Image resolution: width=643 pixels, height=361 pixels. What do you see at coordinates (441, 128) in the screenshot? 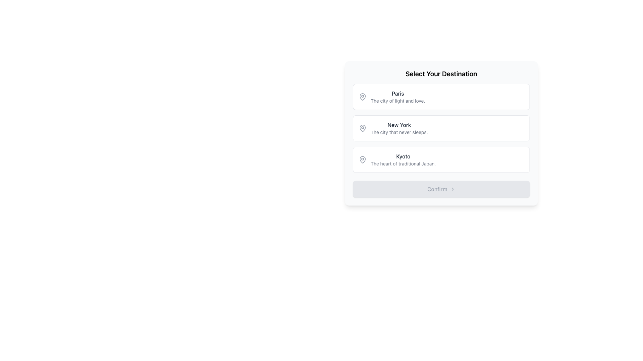
I see `the selectable card for 'New York', which is the second card in the vertical list of options` at bounding box center [441, 128].